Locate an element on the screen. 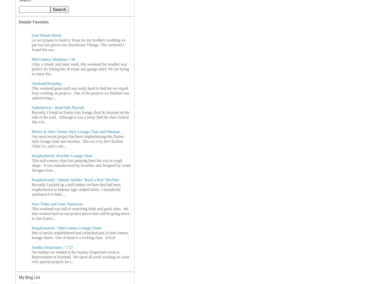  'This weekend was full of surprising finds and quick sales.  We also worked hard on our project pieces that will be going down to San Franci...' is located at coordinates (32, 213).